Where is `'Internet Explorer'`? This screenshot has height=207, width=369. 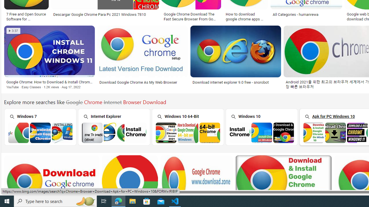
'Internet Explorer' is located at coordinates (114, 126).